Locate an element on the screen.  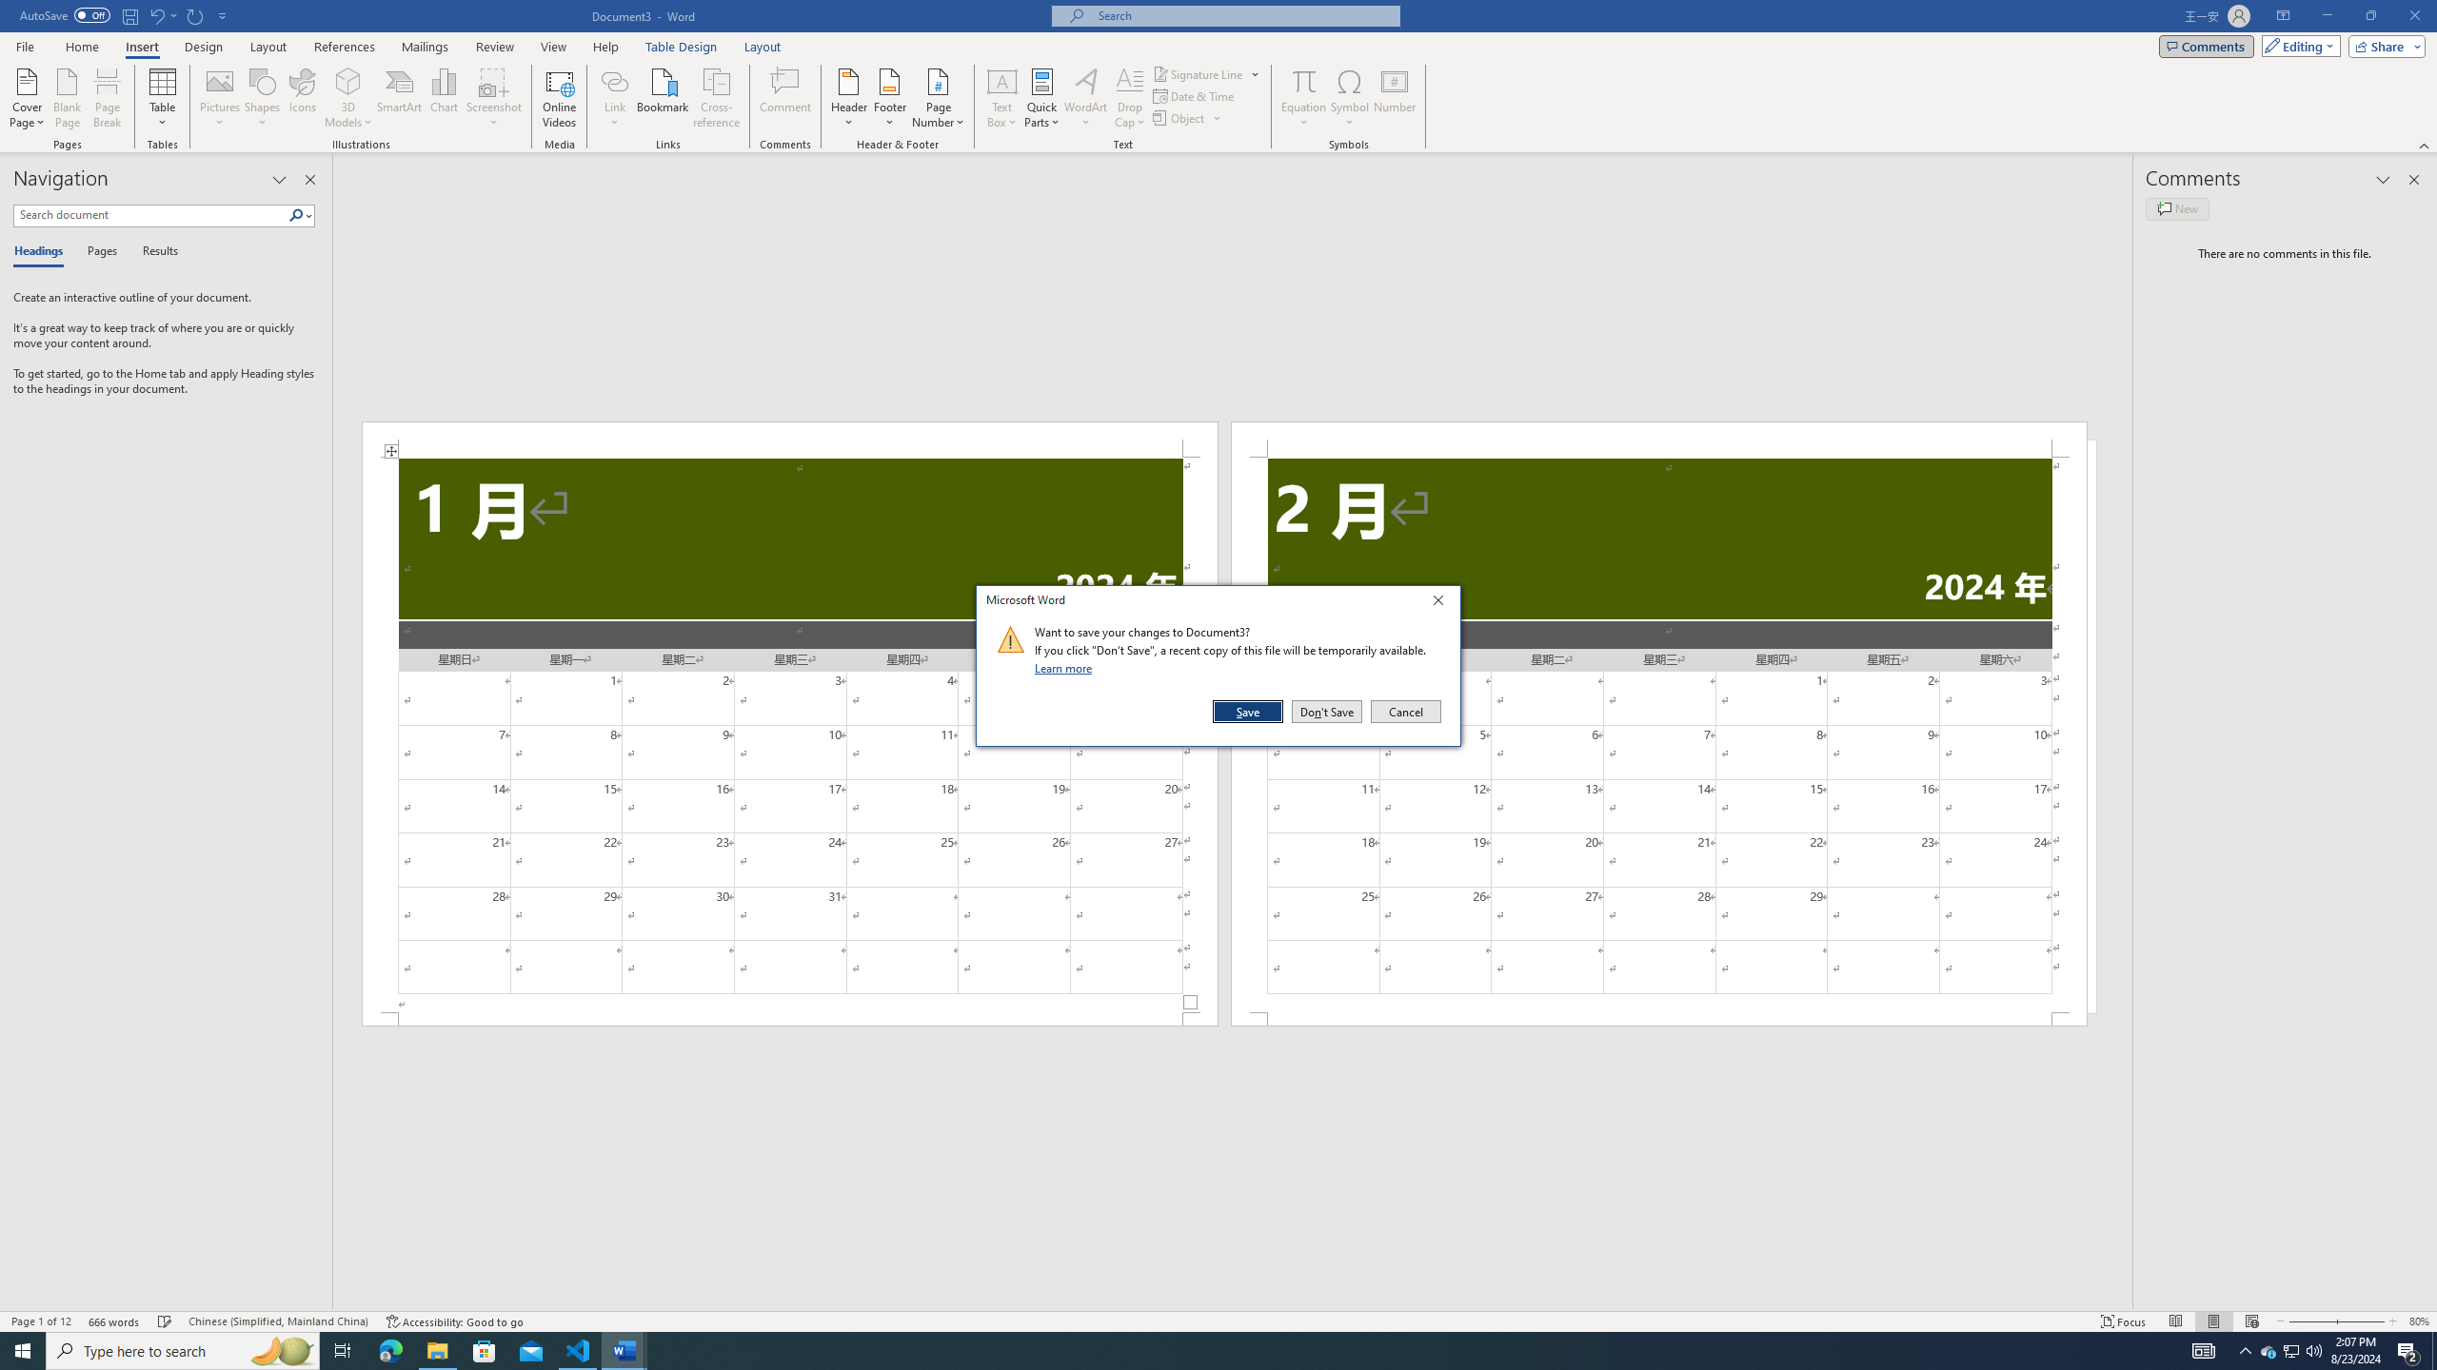
'Microsoft Store' is located at coordinates (485, 1349).